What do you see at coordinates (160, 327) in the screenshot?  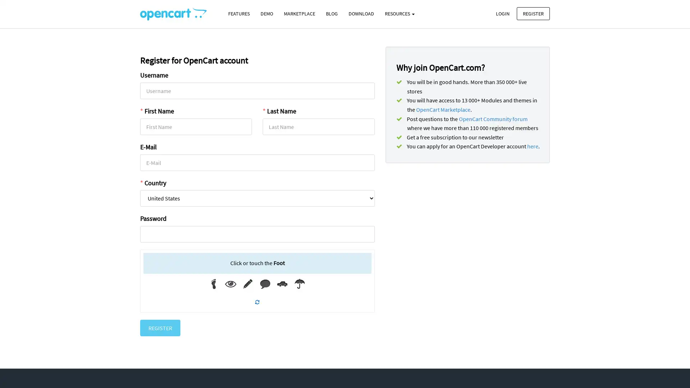 I see `REGISTER` at bounding box center [160, 327].